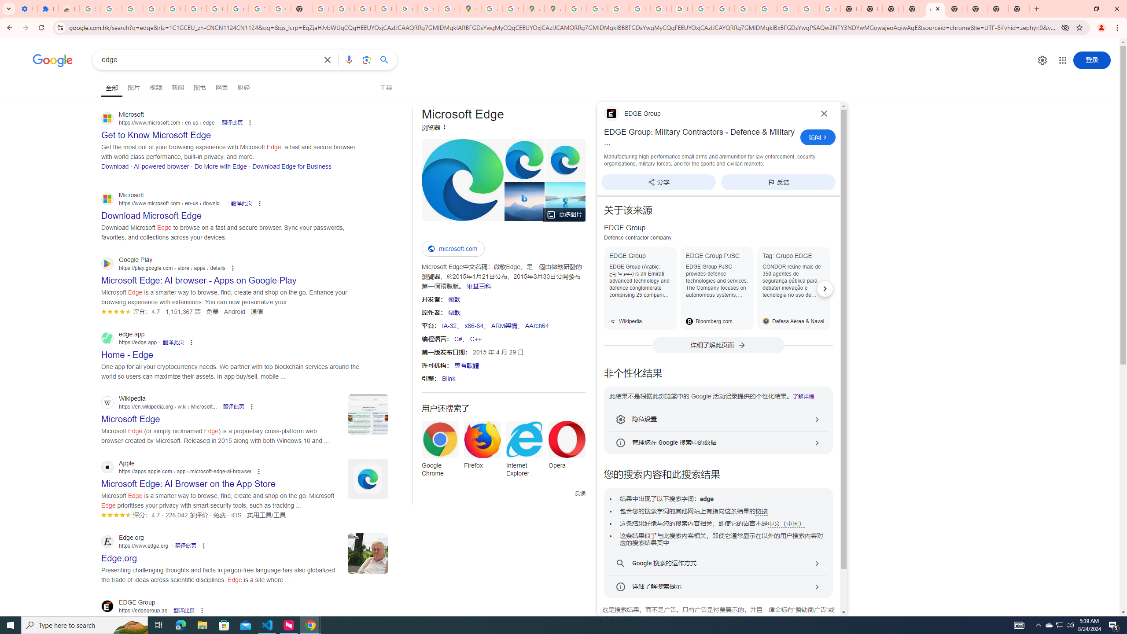  Describe the element at coordinates (47, 8) in the screenshot. I see `'Extensions'` at that location.